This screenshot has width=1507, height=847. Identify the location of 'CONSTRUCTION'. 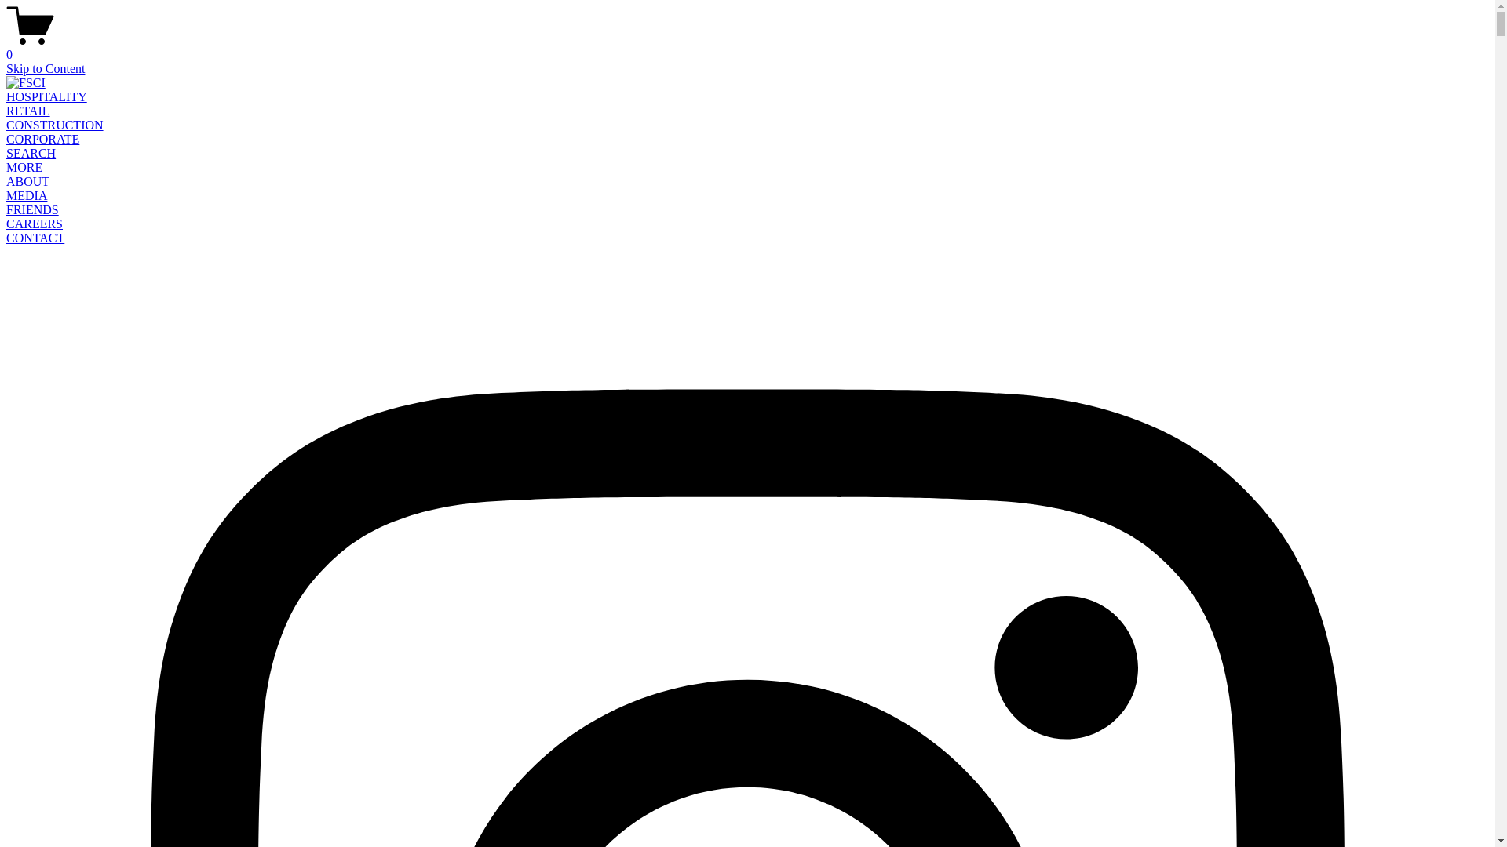
(6, 124).